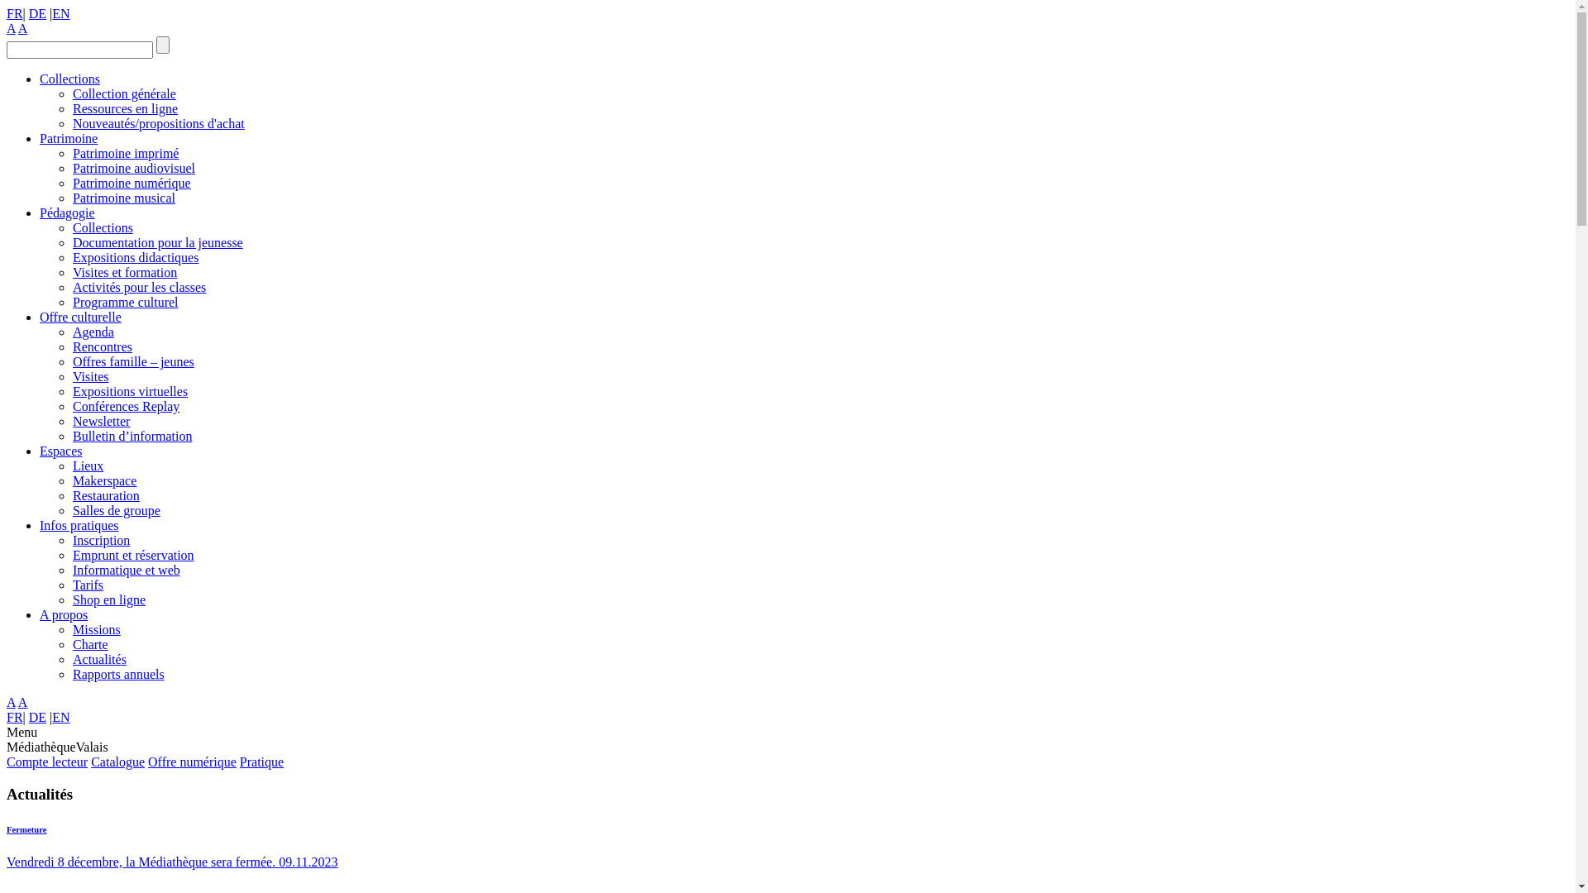 The height and width of the screenshot is (893, 1588). What do you see at coordinates (129, 391) in the screenshot?
I see `'Expositions virtuelles'` at bounding box center [129, 391].